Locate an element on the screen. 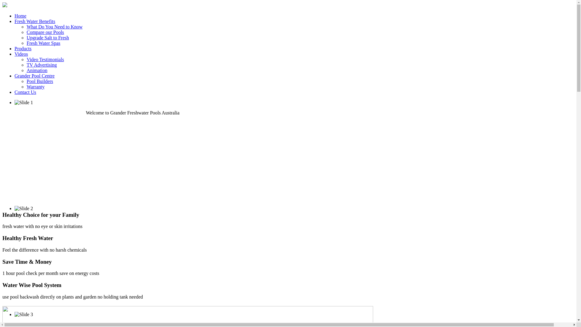  'TV Advertising' is located at coordinates (41, 65).